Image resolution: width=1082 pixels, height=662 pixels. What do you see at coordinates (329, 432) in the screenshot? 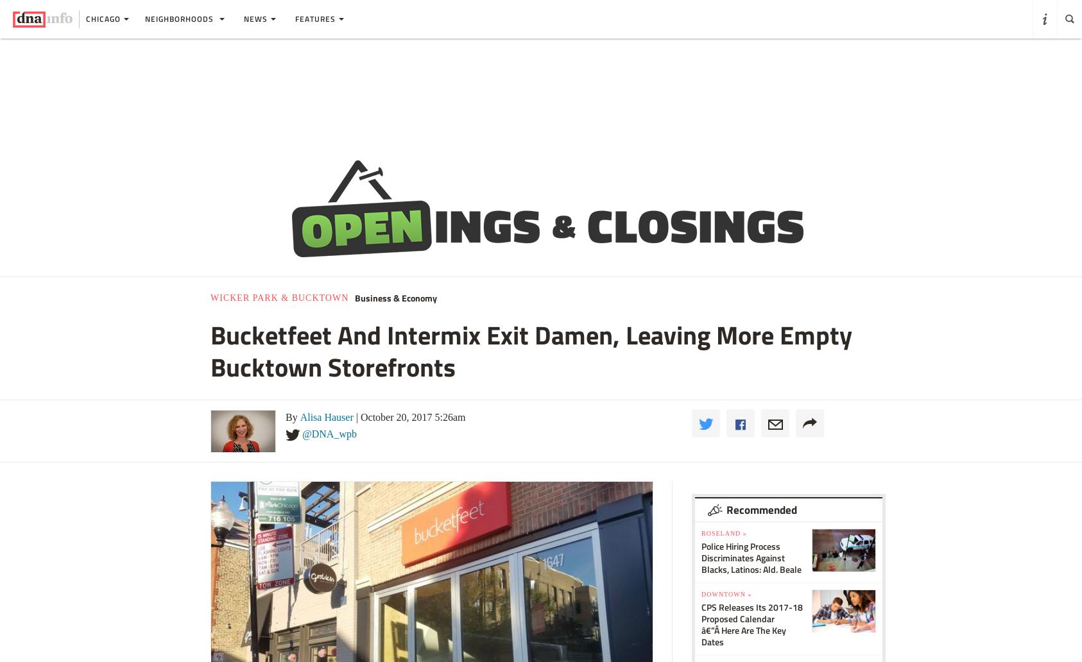
I see `'@DNA_wpb'` at bounding box center [329, 432].